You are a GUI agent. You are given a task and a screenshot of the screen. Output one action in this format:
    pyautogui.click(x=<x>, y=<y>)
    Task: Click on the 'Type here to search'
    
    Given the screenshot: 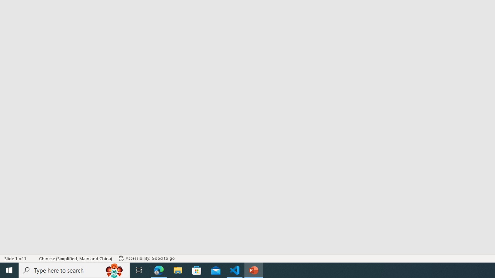 What is the action you would take?
    pyautogui.click(x=74, y=270)
    